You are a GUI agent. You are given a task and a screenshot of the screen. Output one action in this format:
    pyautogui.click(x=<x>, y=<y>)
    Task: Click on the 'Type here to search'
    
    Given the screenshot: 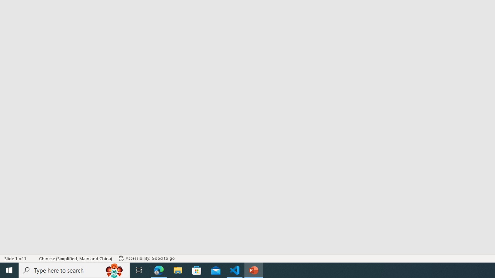 What is the action you would take?
    pyautogui.click(x=74, y=270)
    